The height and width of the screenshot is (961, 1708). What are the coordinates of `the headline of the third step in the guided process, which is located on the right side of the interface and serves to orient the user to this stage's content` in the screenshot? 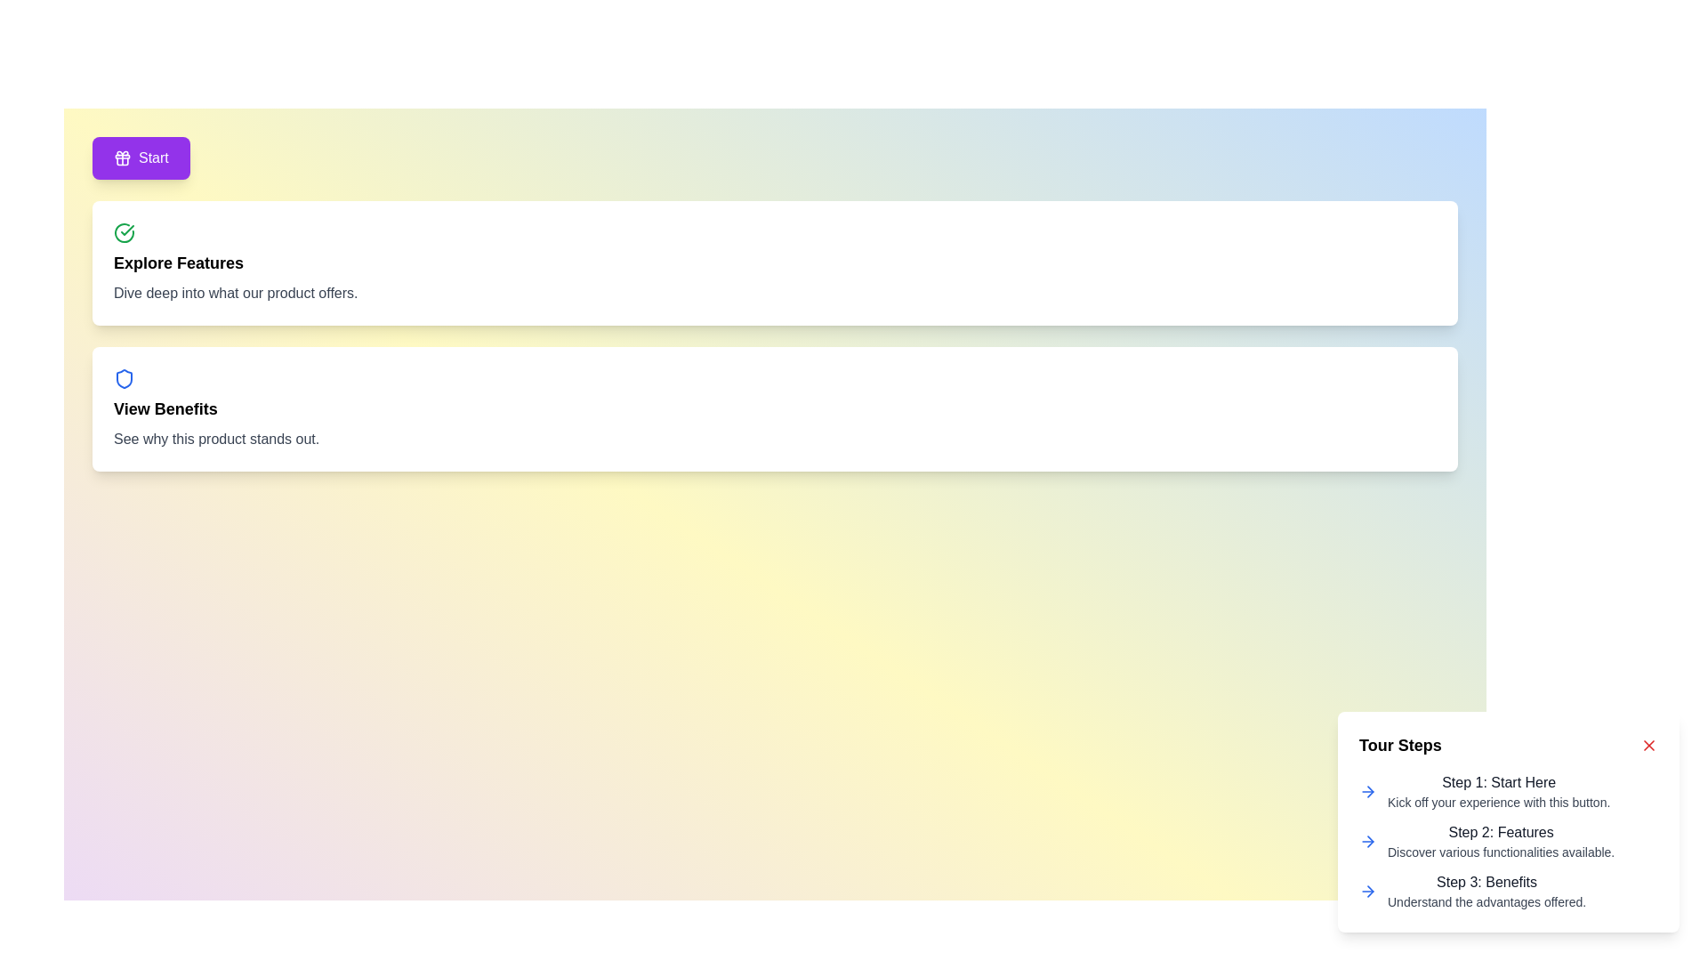 It's located at (1486, 882).